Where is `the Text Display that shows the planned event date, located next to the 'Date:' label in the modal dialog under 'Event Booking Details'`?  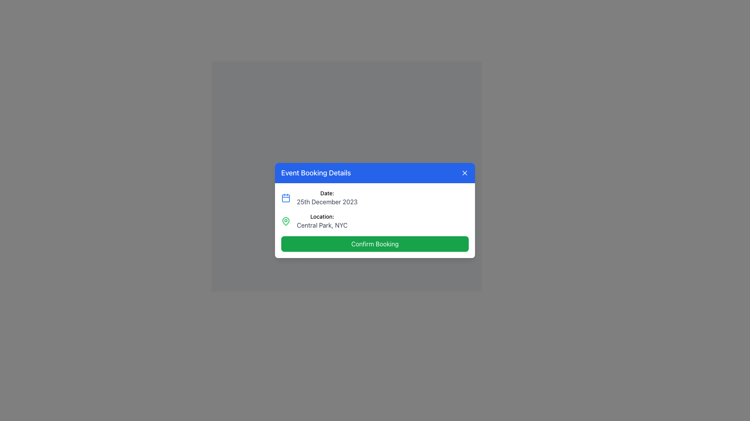 the Text Display that shows the planned event date, located next to the 'Date:' label in the modal dialog under 'Event Booking Details' is located at coordinates (327, 201).